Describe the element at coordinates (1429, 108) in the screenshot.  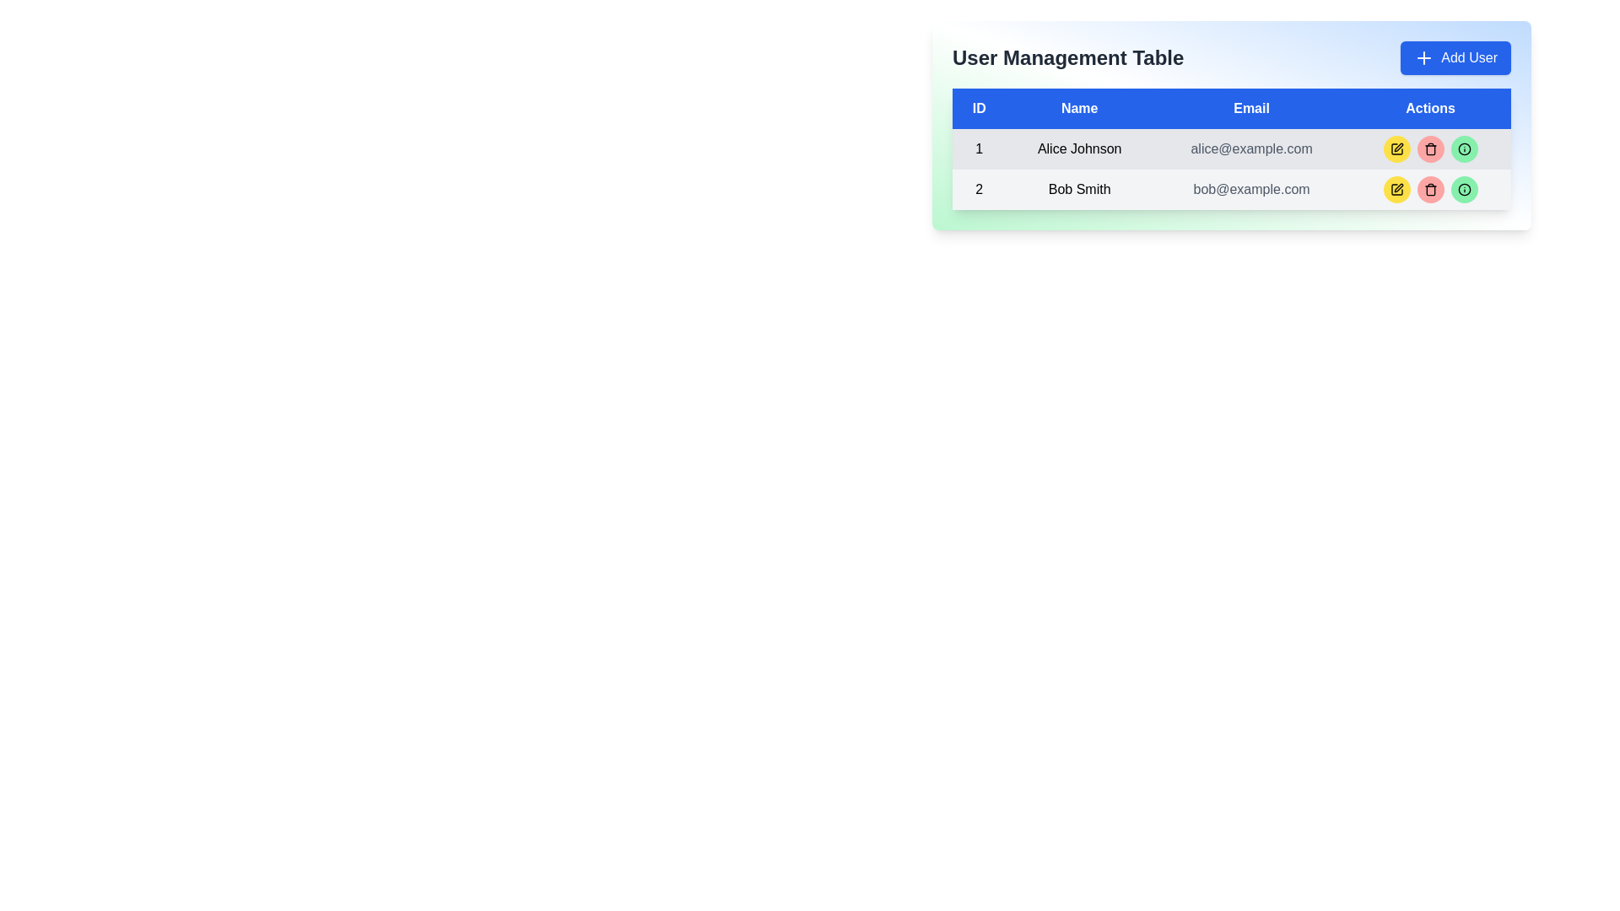
I see `the 'Actions' column header in the table, which is located in the top-right corner of the table header and is the fourth cell in the row of headers` at that location.